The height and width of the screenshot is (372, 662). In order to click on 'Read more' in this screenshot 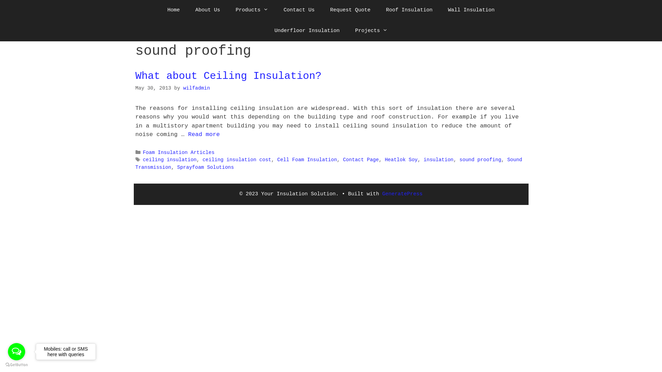, I will do `click(203, 134)`.